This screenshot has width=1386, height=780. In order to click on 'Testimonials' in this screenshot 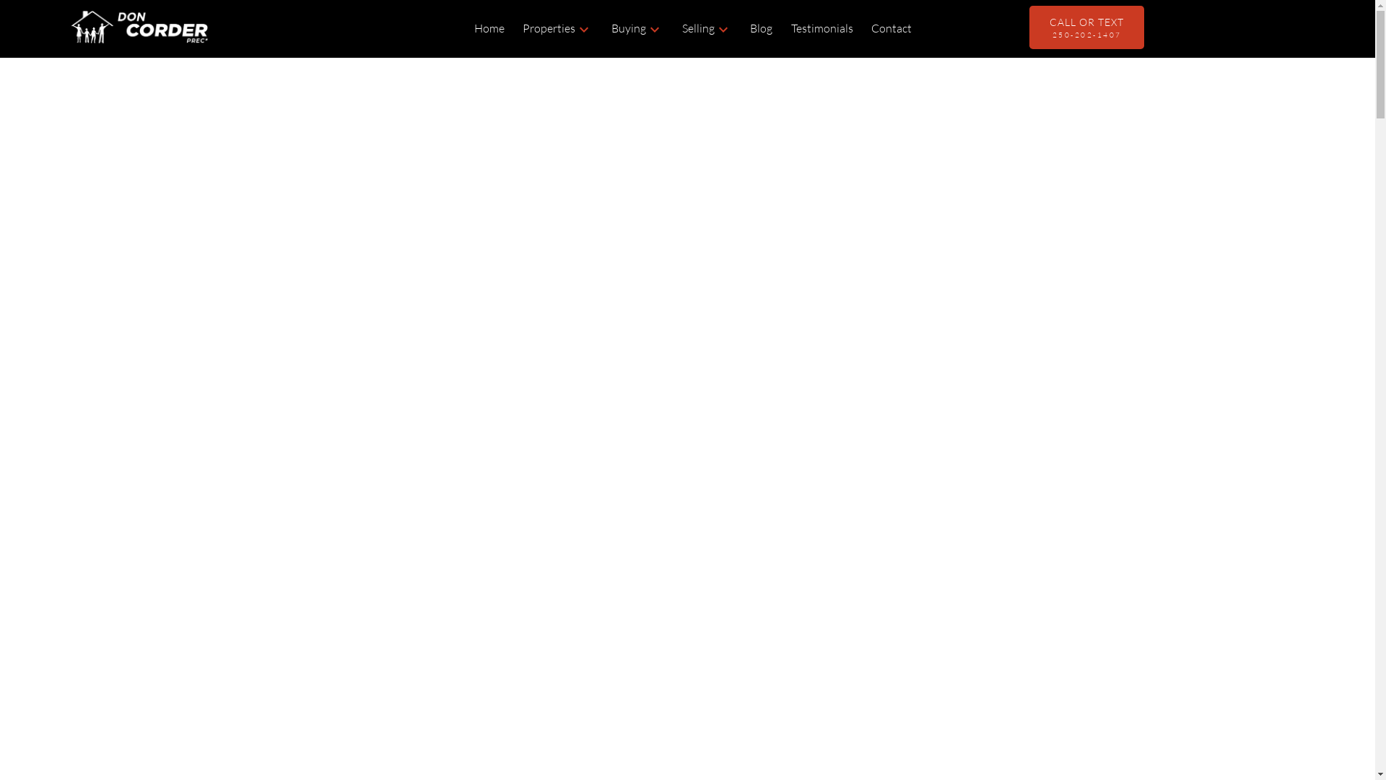, I will do `click(821, 28)`.